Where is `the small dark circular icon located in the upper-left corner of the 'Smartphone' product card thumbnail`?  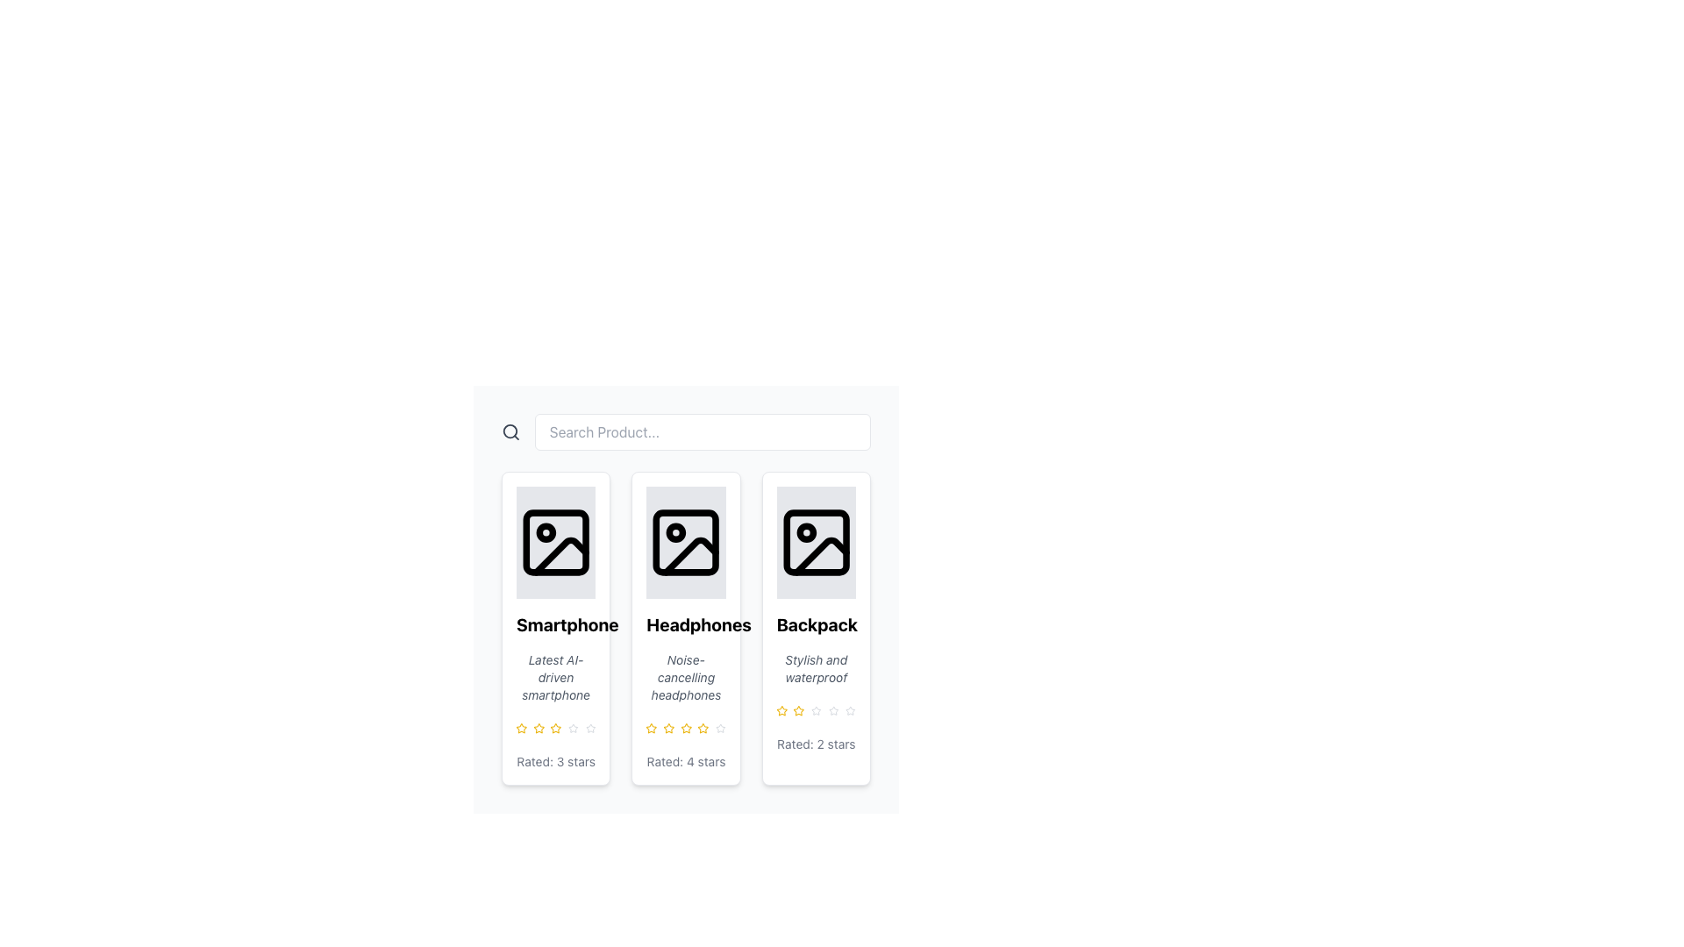
the small dark circular icon located in the upper-left corner of the 'Smartphone' product card thumbnail is located at coordinates (545, 531).